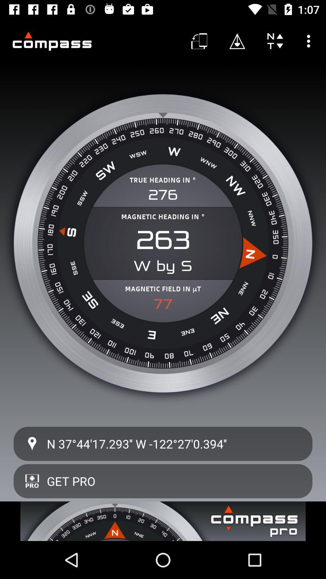  What do you see at coordinates (163, 266) in the screenshot?
I see `item above the magnetic field in icon` at bounding box center [163, 266].